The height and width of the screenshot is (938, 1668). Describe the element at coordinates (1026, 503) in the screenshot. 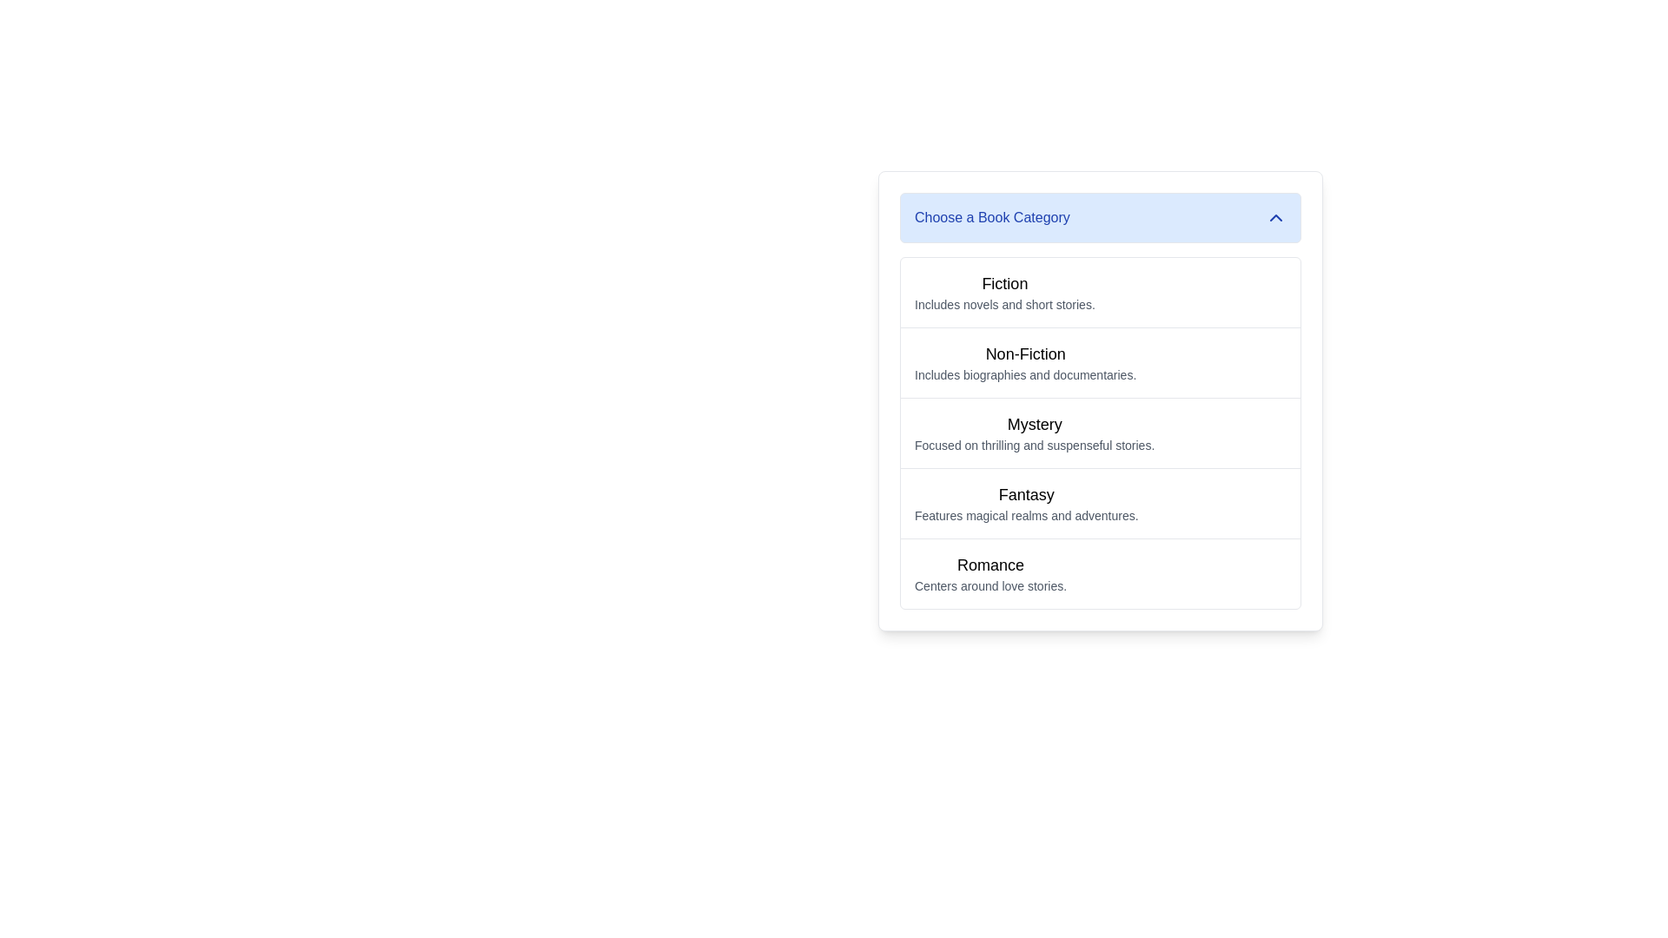

I see `the fantasy genre text label in the 'Choose a Book Category' dropdown menu, located in the fourth row, beneath 'Mystery' and above 'Romance'` at that location.